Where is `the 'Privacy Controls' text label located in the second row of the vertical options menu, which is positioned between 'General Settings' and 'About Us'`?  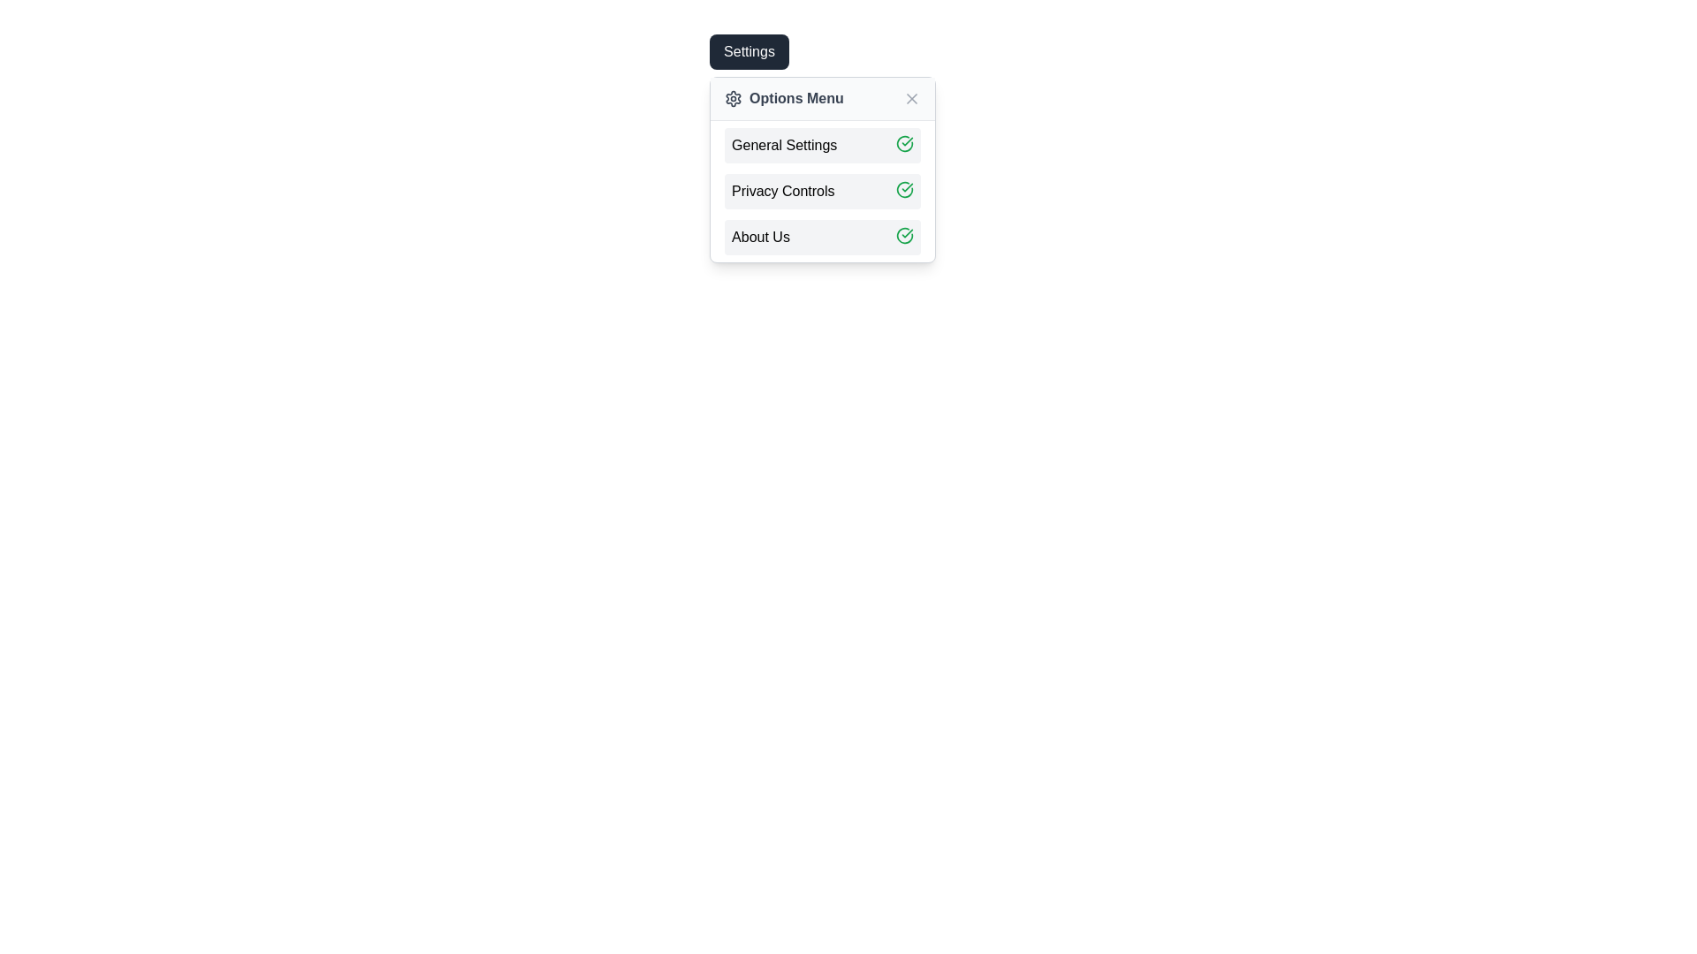
the 'Privacy Controls' text label located in the second row of the vertical options menu, which is positioned between 'General Settings' and 'About Us' is located at coordinates (782, 191).